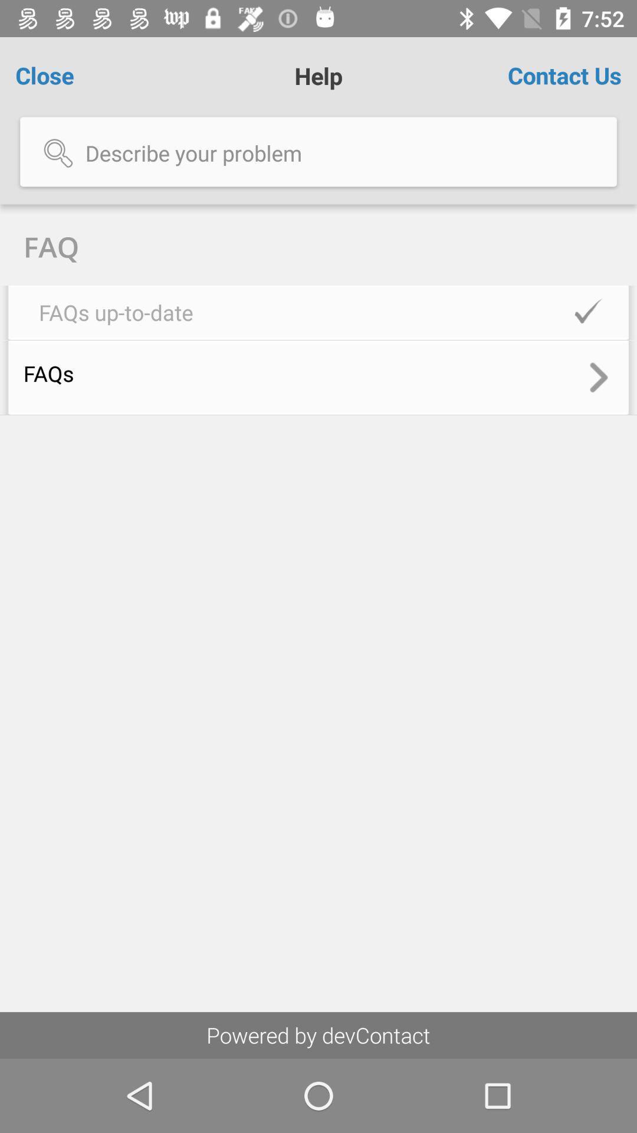 This screenshot has height=1133, width=637. Describe the element at coordinates (564, 75) in the screenshot. I see `the button on the top right corner of the web page` at that location.